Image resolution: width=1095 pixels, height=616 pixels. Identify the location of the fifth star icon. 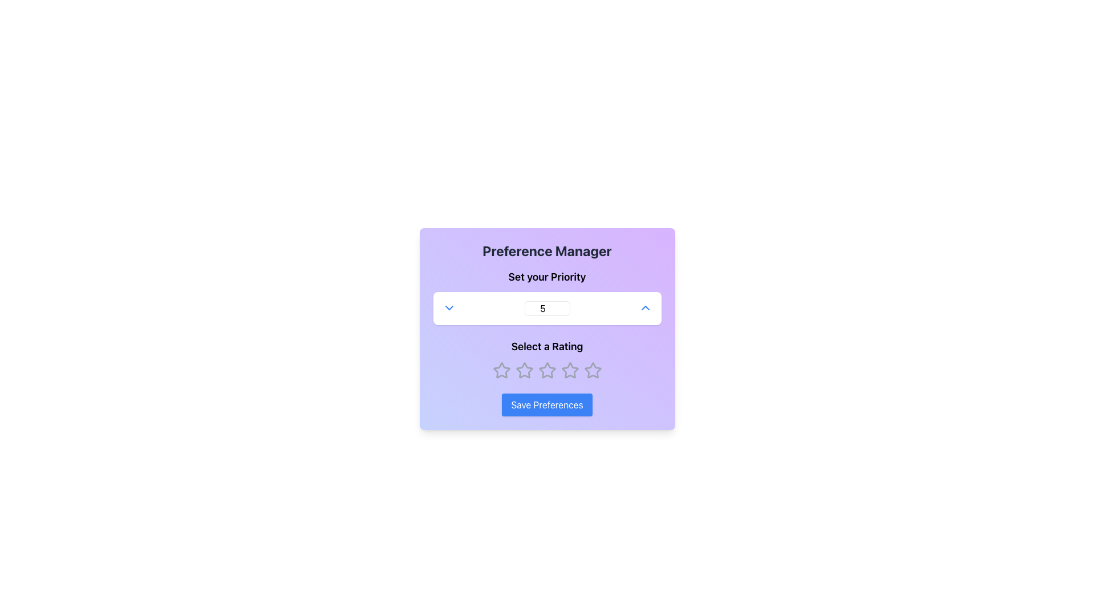
(592, 370).